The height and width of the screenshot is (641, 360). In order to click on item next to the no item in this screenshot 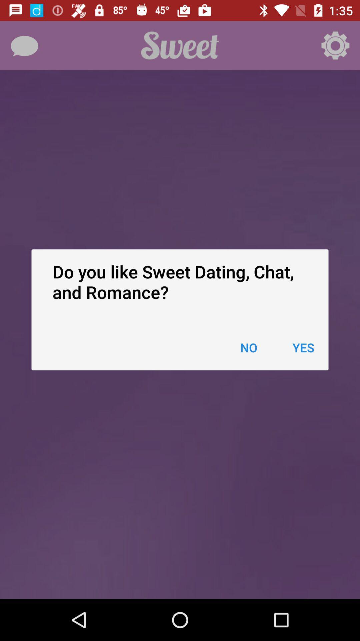, I will do `click(303, 347)`.